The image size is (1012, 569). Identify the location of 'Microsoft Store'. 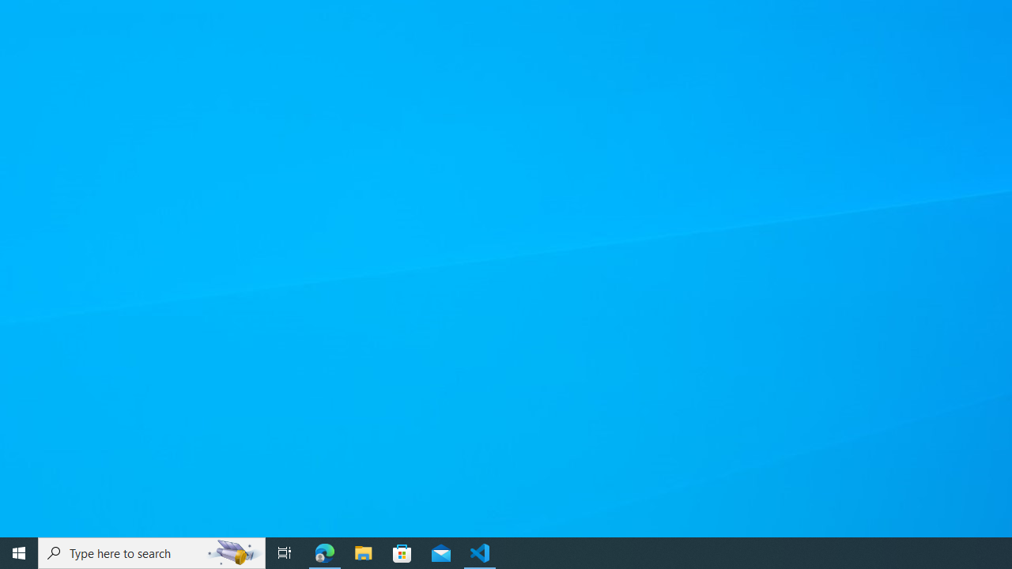
(402, 552).